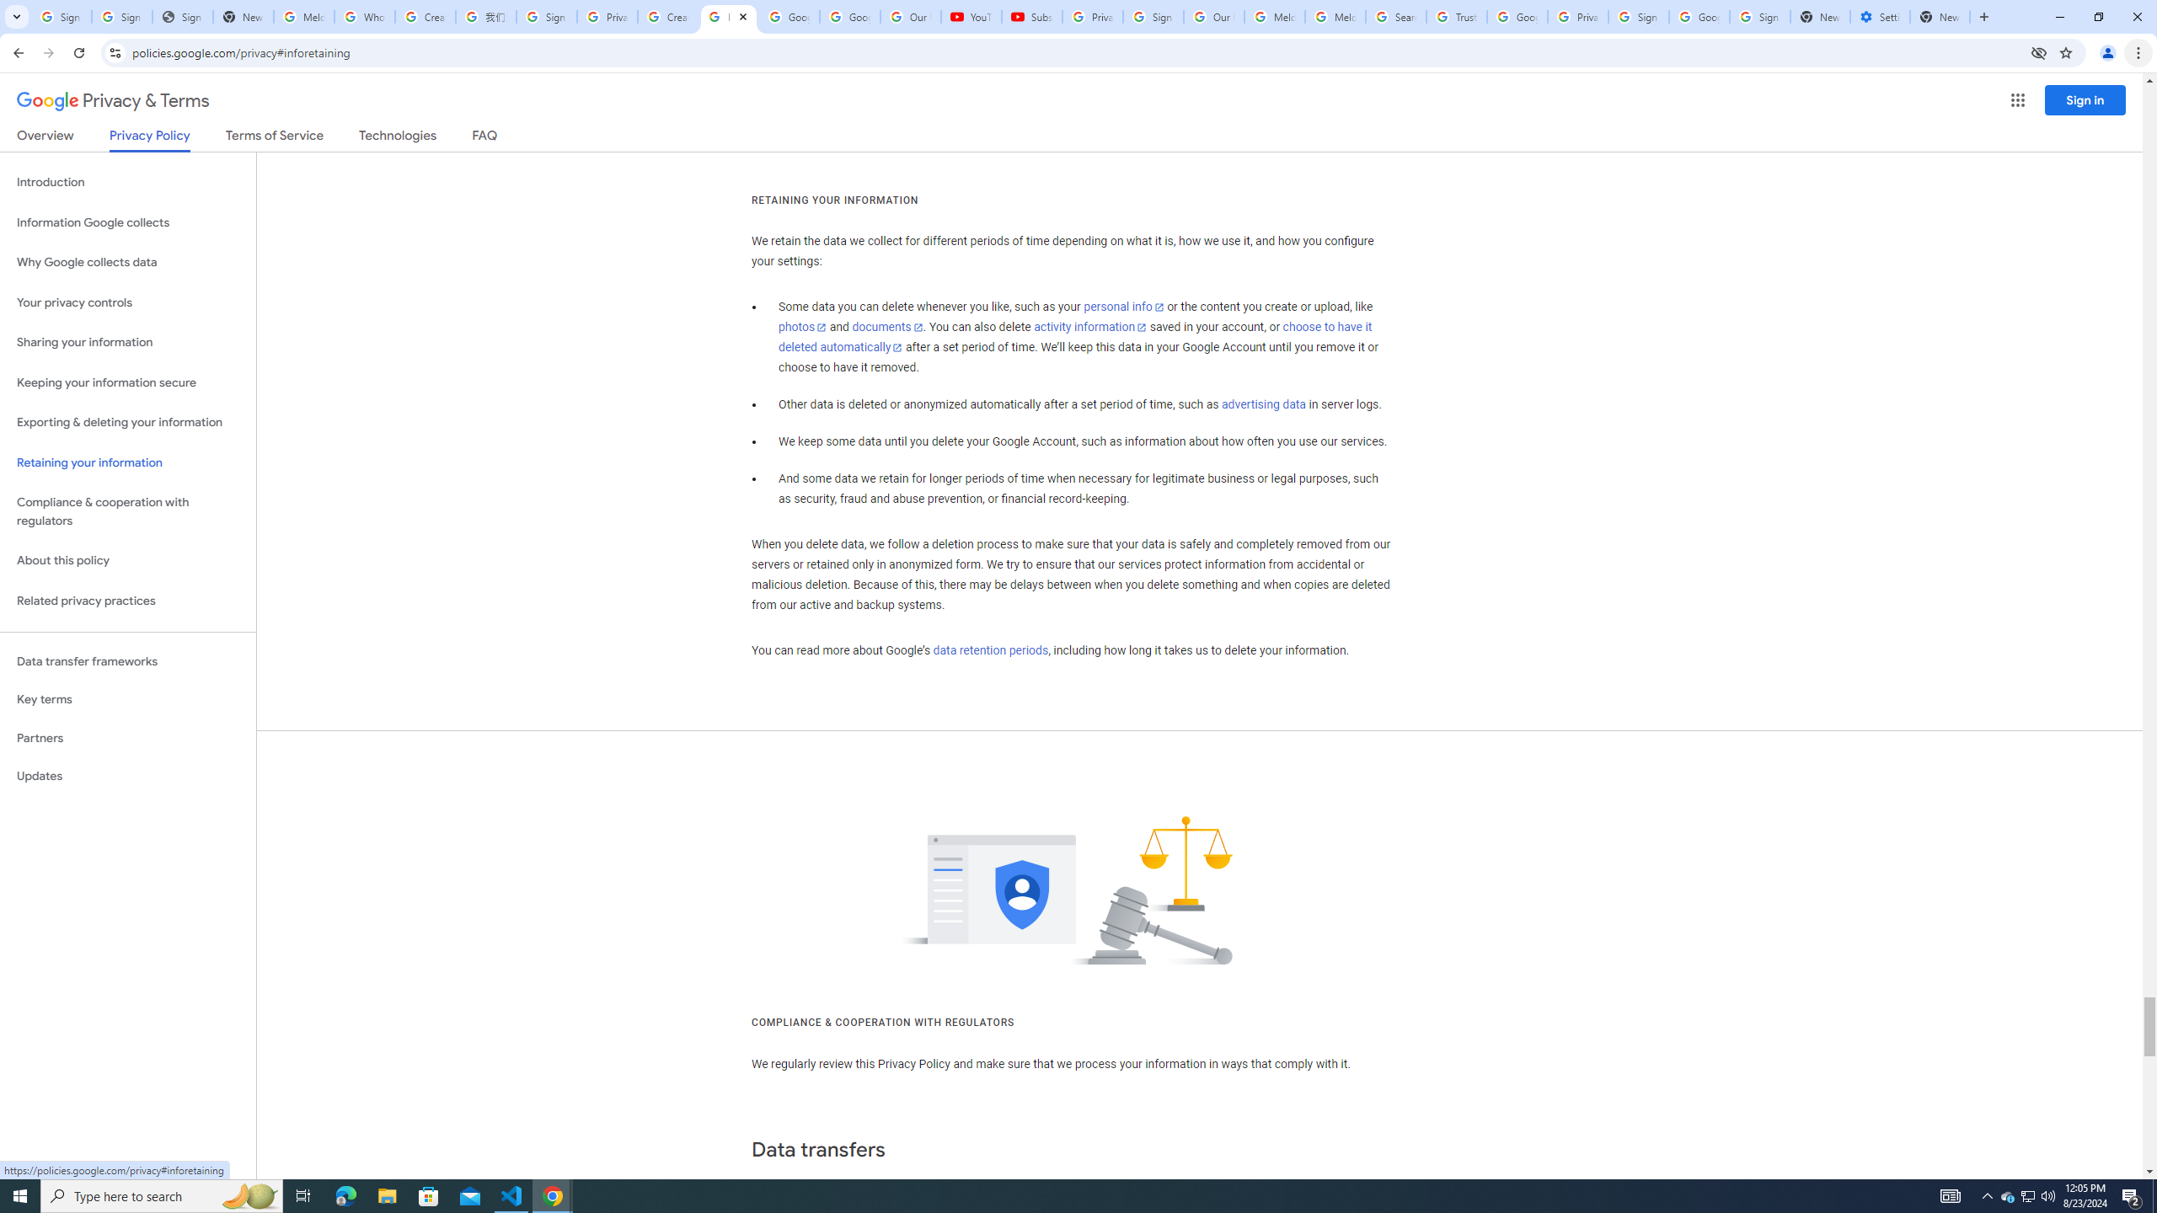 This screenshot has width=2157, height=1213. What do you see at coordinates (127, 738) in the screenshot?
I see `'Partners'` at bounding box center [127, 738].